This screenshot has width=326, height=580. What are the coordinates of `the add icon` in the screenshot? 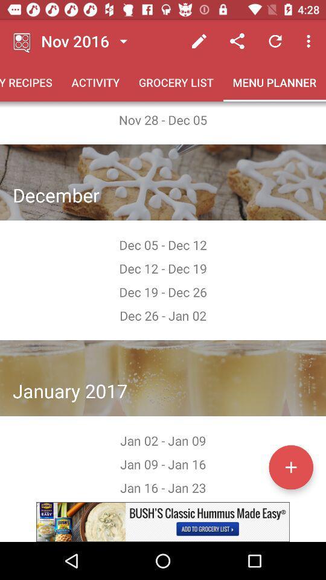 It's located at (290, 466).